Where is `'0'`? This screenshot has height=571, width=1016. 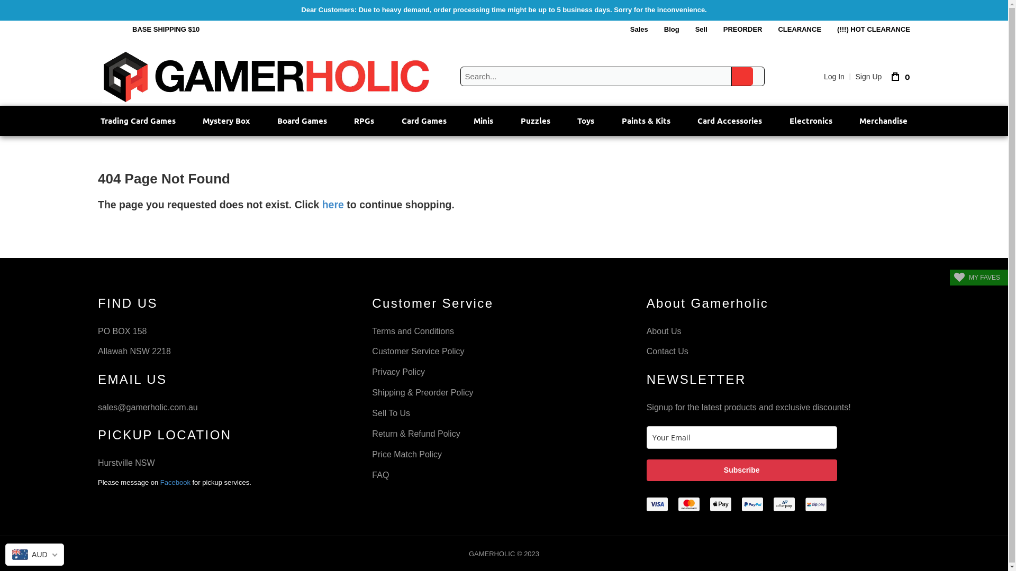 '0' is located at coordinates (889, 76).